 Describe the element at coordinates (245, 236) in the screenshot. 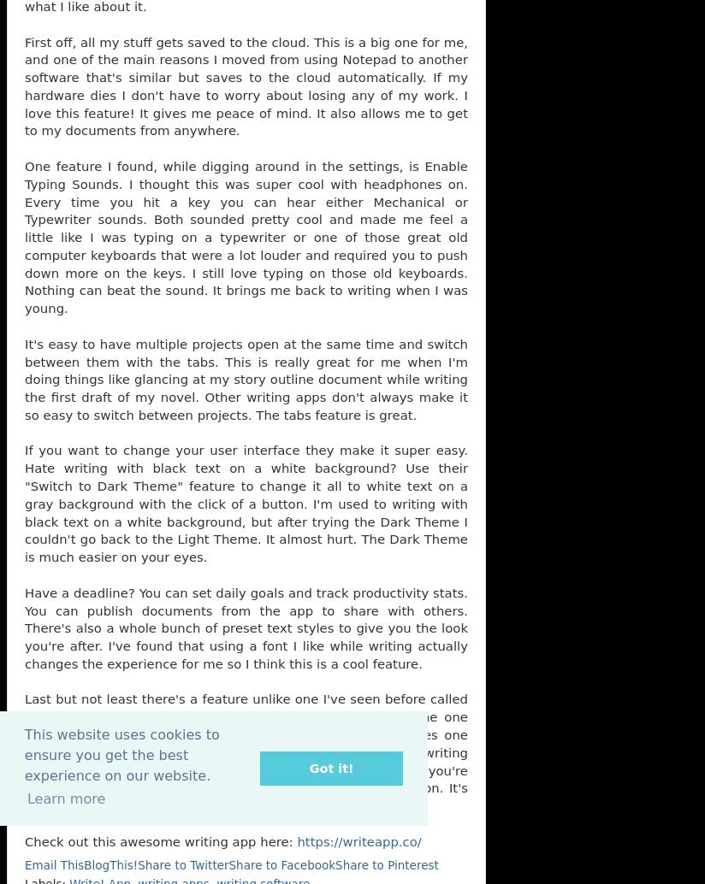

I see `'One feature I found, while digging around in the settings, is Enable Typing Sounds. I thought this was super cool with headphones on. Every time you hit a key you can hear either Mechanical or Typewriter sounds. Both sounded pretty cool and made me feel a little like I was typing on a typewriter or one of those great old computer keyboards that were a lot louder and required you to push down more on the keys. I still love typing on those old keyboards. Nothing can beat the sound. It brings me back to writing when I was young.'` at that location.